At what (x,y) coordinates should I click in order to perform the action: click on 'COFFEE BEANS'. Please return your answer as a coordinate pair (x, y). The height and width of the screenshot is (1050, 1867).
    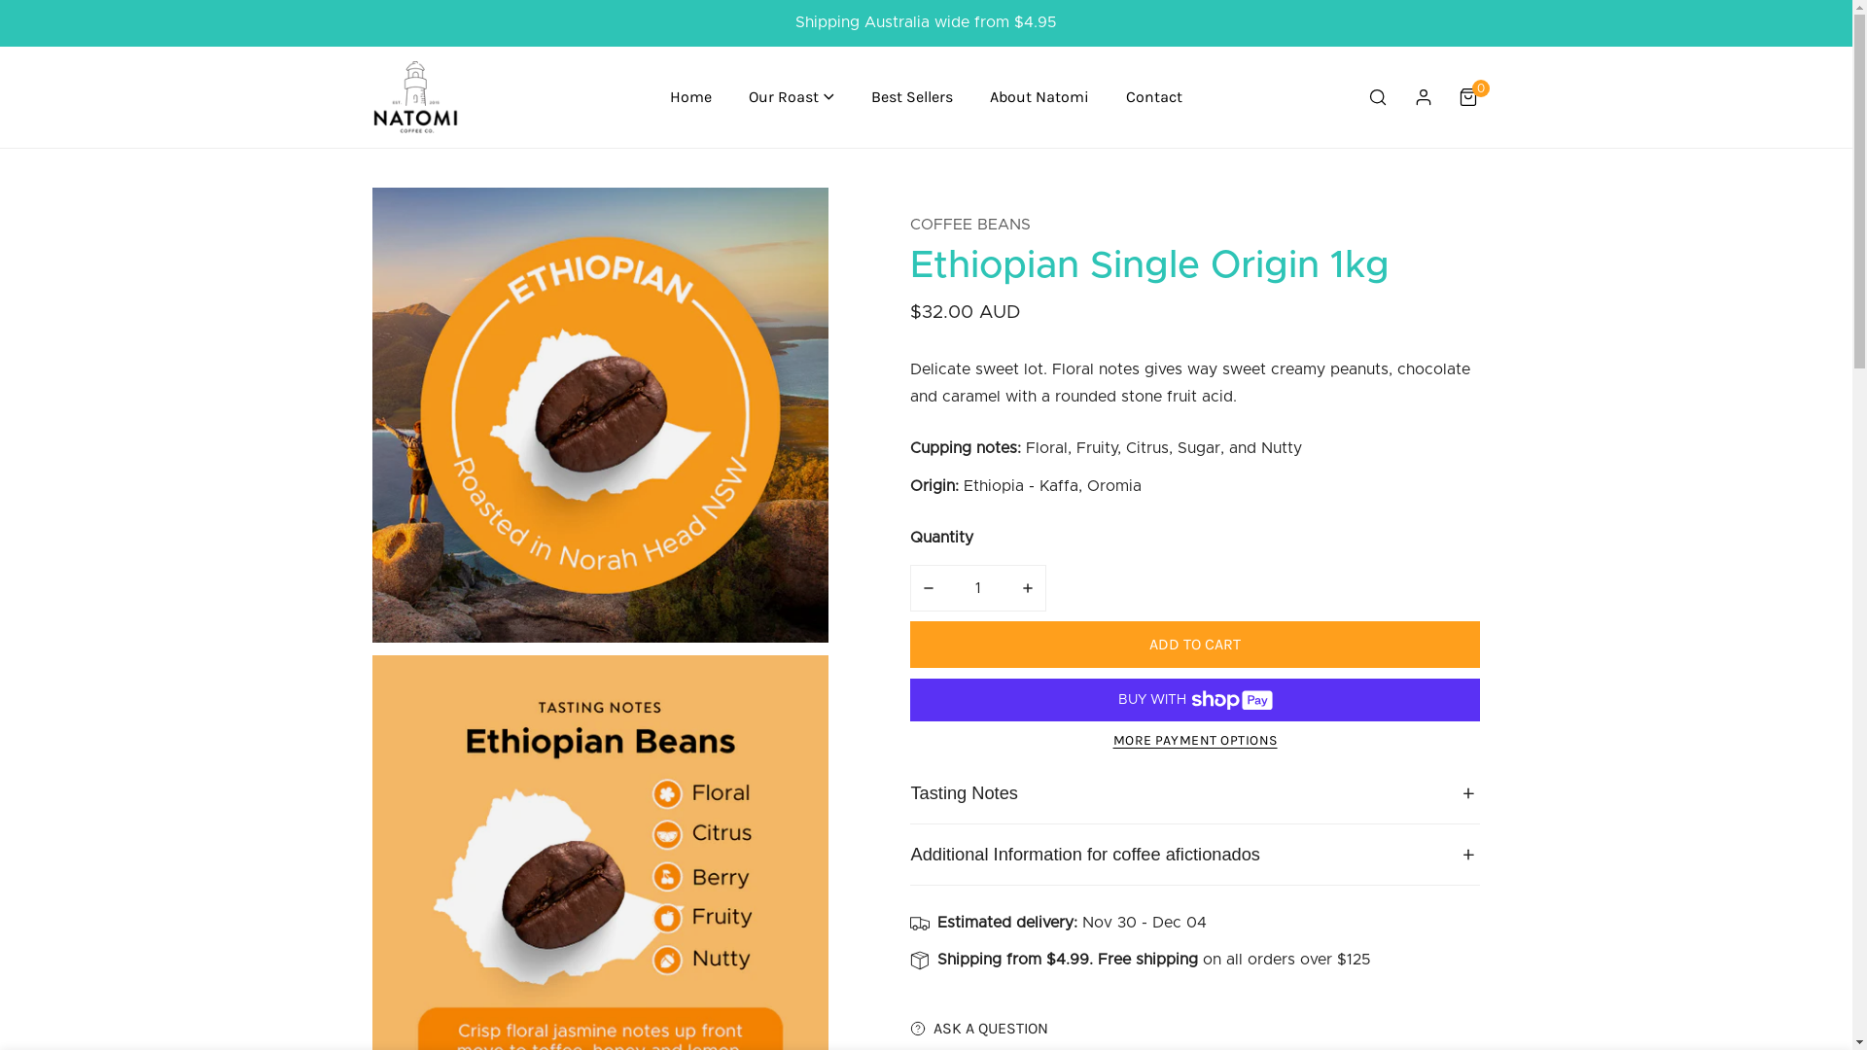
    Looking at the image, I should click on (970, 224).